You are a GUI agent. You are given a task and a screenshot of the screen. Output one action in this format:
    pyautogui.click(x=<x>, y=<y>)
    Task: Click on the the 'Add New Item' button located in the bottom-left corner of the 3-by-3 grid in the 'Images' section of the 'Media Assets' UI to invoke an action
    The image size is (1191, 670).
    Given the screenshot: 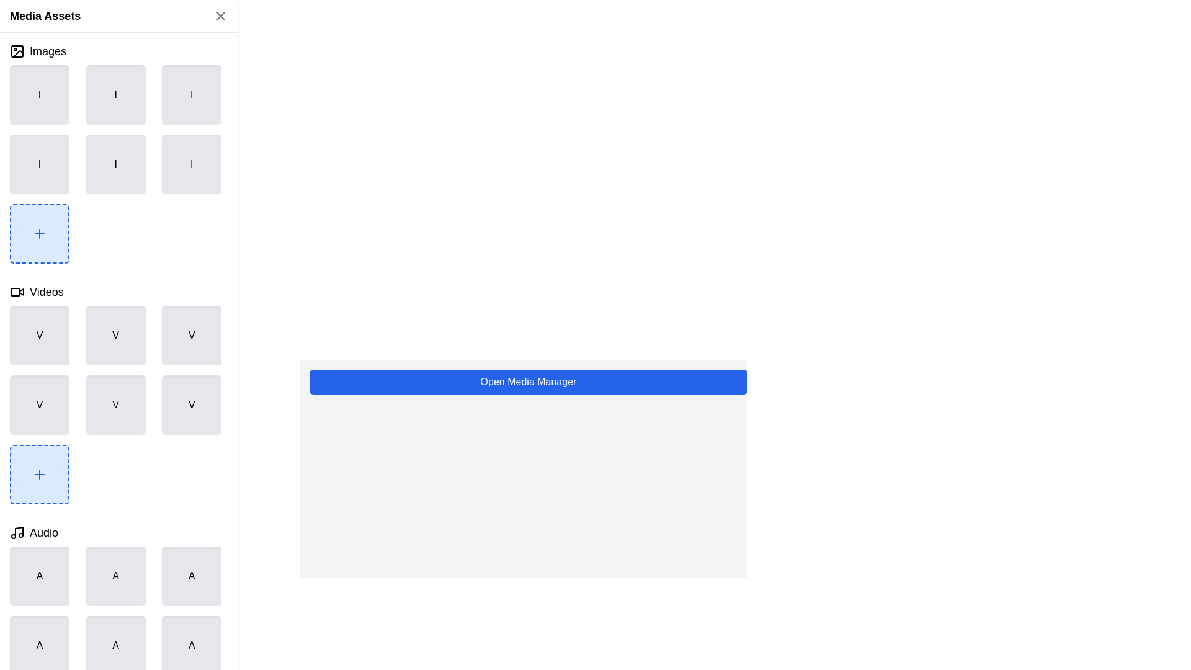 What is the action you would take?
    pyautogui.click(x=39, y=234)
    